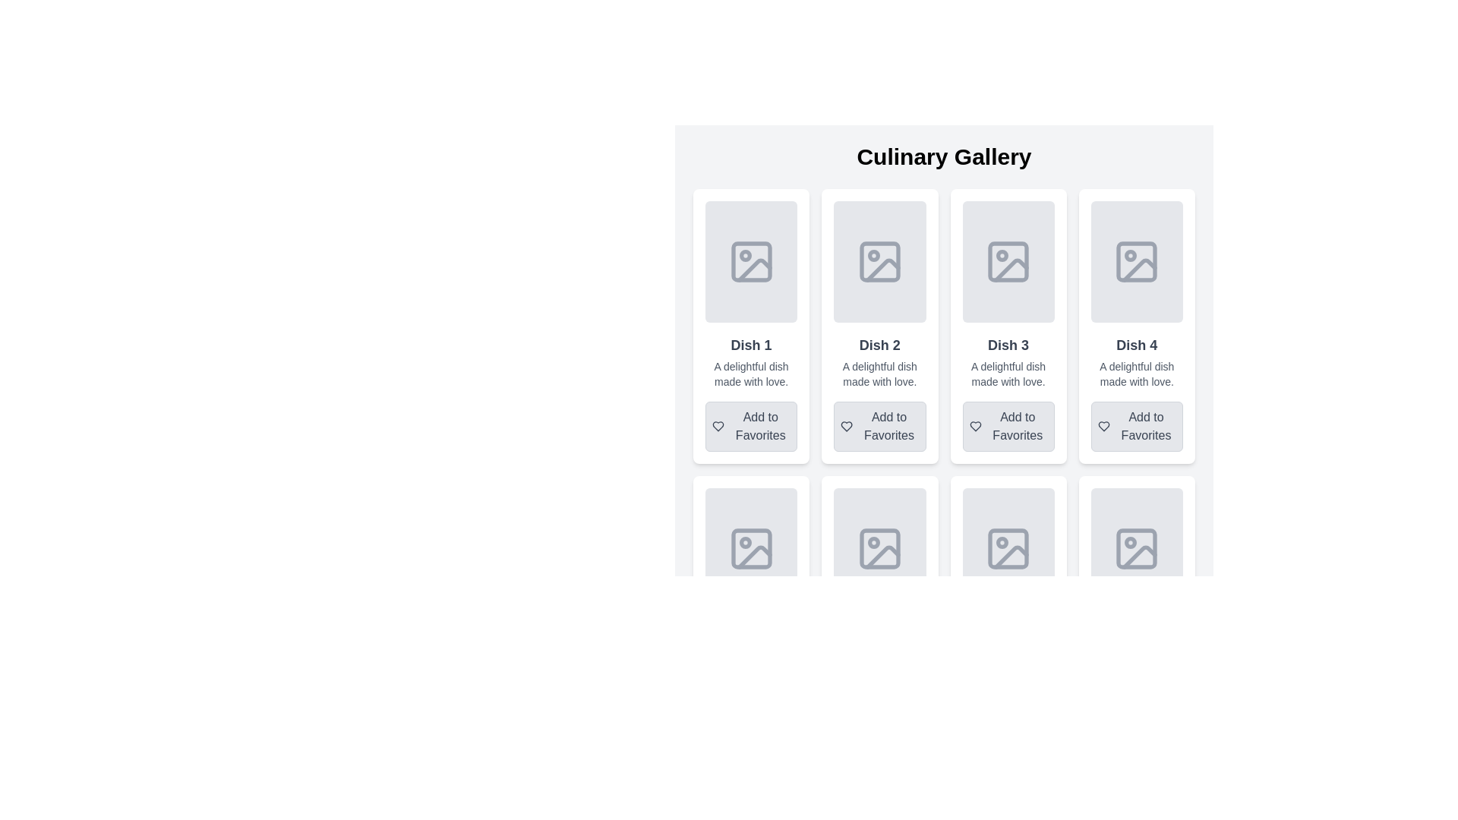  Describe the element at coordinates (879, 345) in the screenshot. I see `the bold, large-sized text label that displays 'Dish 2', located in the second card of the top row in the gallery grid` at that location.